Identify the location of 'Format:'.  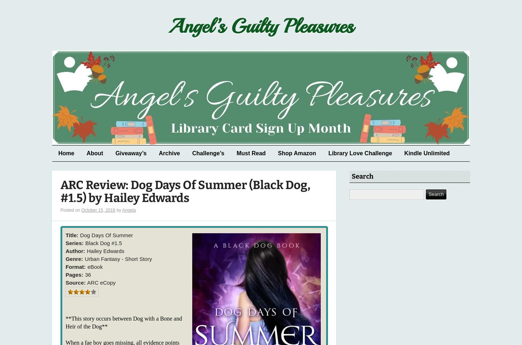
(65, 266).